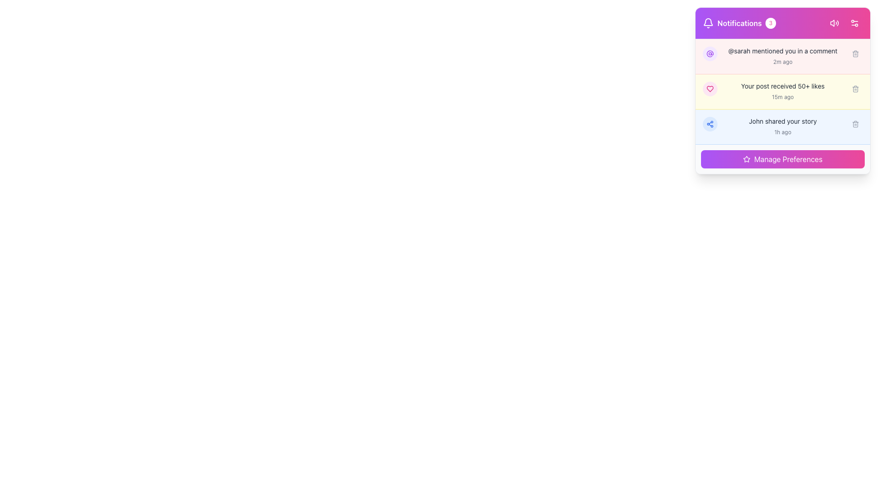 The width and height of the screenshot is (878, 493). Describe the element at coordinates (782, 126) in the screenshot. I see `the text label that says 'John shared your story' and includes a timestamp '1h ago', which is centrally aligned in a light blue rectangular area, located within the third notification entry in the notification list` at that location.